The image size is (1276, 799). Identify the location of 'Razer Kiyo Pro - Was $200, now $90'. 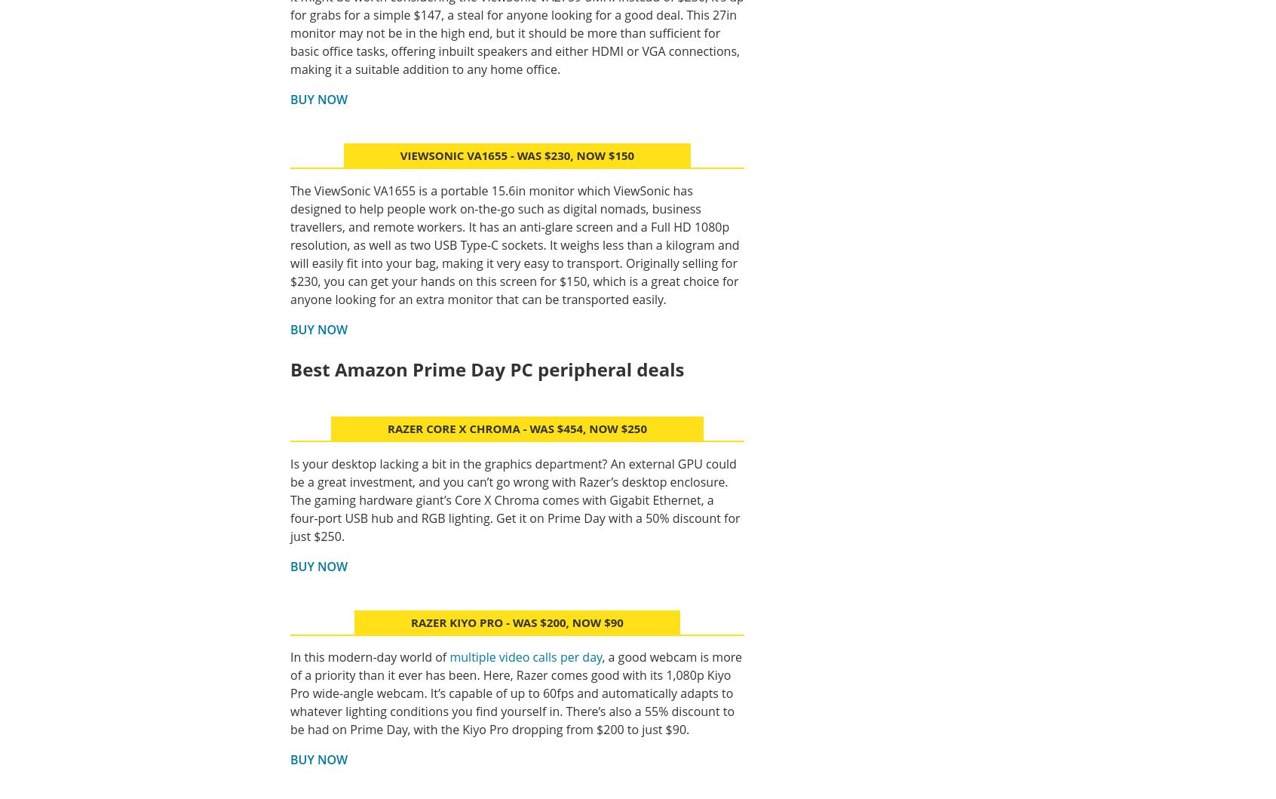
(517, 621).